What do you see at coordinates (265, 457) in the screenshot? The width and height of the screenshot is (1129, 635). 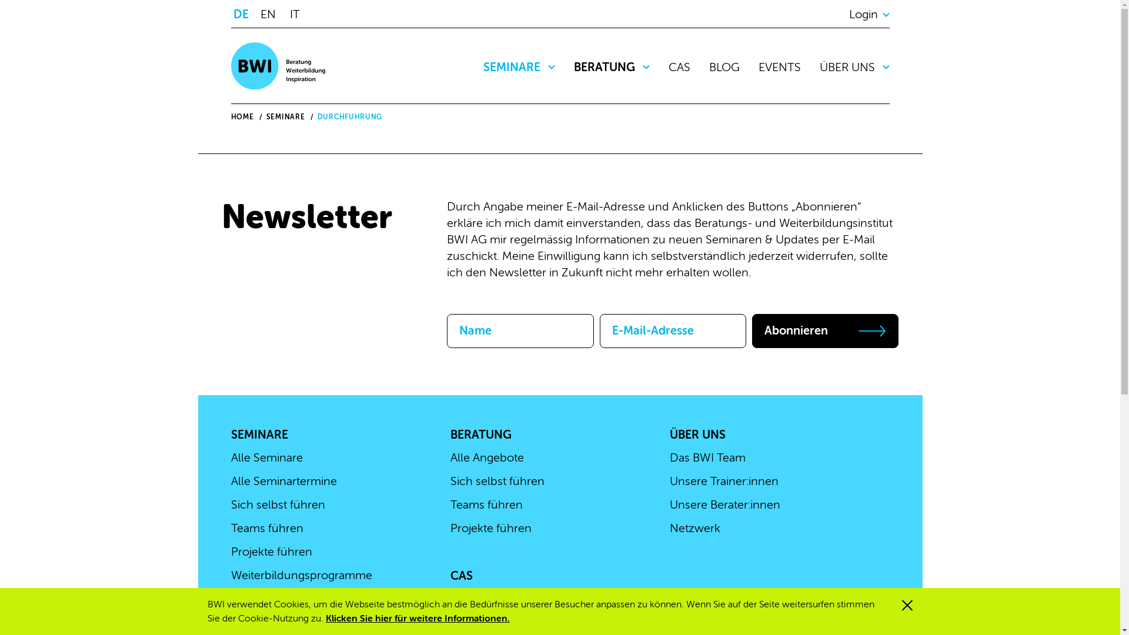 I see `'Alle Seminare'` at bounding box center [265, 457].